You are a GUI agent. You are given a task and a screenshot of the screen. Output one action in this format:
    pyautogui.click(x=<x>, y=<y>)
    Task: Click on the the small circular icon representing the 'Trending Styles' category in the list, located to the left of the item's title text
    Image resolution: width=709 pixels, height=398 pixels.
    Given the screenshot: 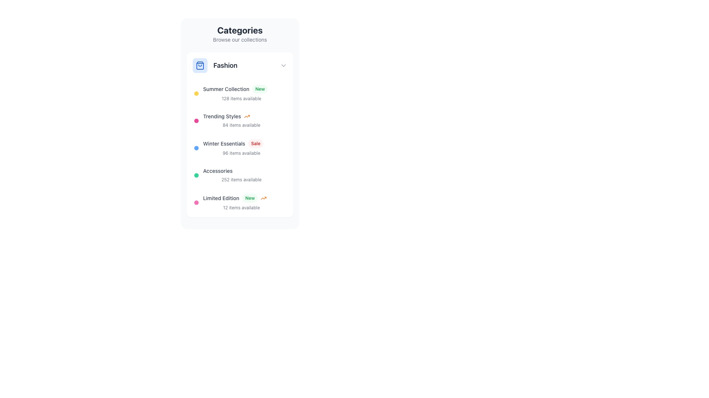 What is the action you would take?
    pyautogui.click(x=196, y=120)
    